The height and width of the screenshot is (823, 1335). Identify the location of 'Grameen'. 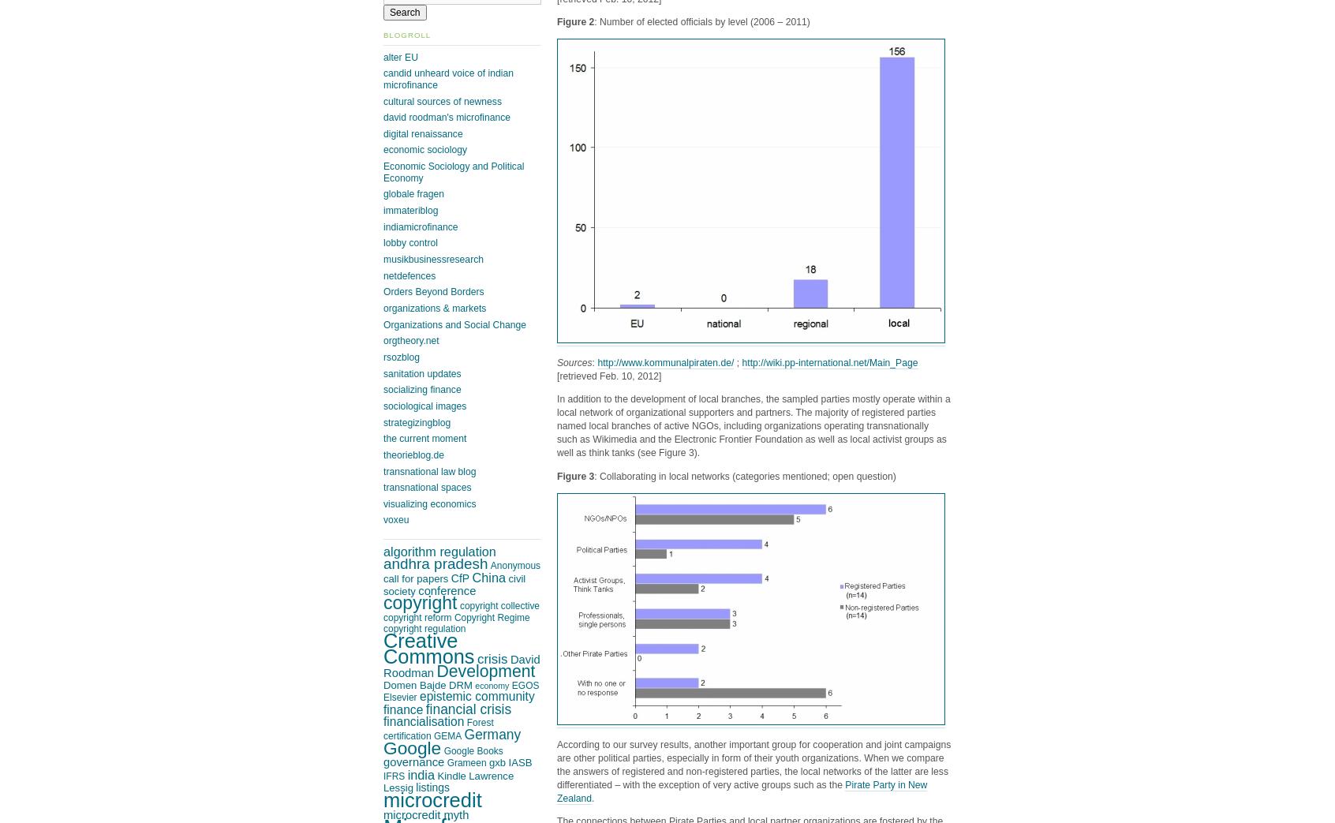
(466, 761).